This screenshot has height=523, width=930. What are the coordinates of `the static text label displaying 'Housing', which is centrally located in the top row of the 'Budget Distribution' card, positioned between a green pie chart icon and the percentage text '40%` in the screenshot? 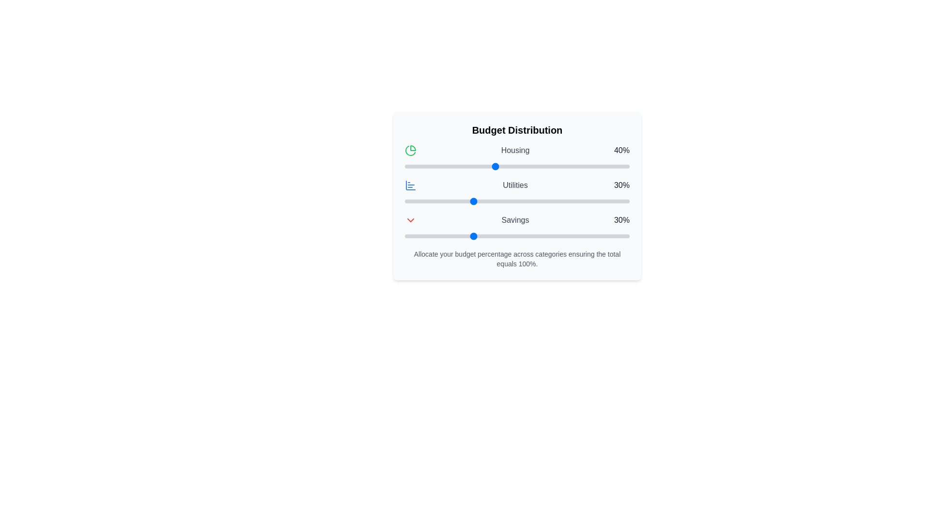 It's located at (515, 151).